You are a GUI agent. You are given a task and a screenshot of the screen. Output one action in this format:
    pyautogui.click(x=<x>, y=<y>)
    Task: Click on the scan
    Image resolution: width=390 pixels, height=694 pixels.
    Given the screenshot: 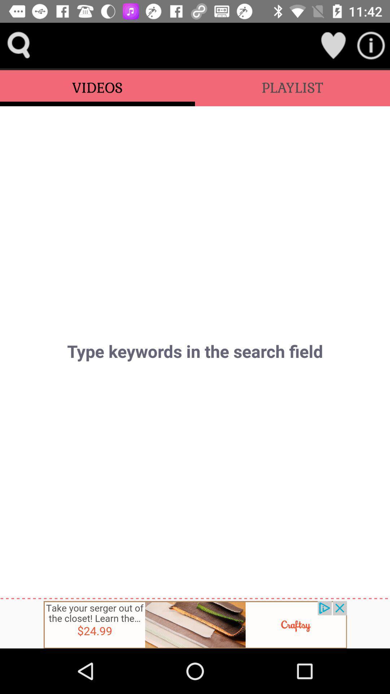 What is the action you would take?
    pyautogui.click(x=371, y=45)
    